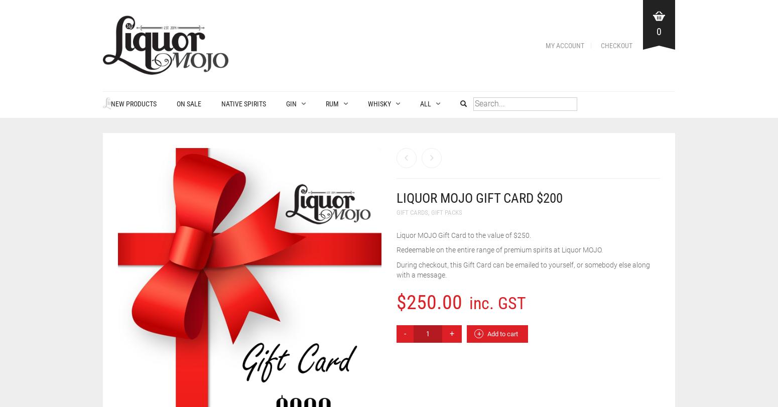 This screenshot has height=407, width=778. What do you see at coordinates (618, 241) in the screenshot?
I see `'1960-1969'` at bounding box center [618, 241].